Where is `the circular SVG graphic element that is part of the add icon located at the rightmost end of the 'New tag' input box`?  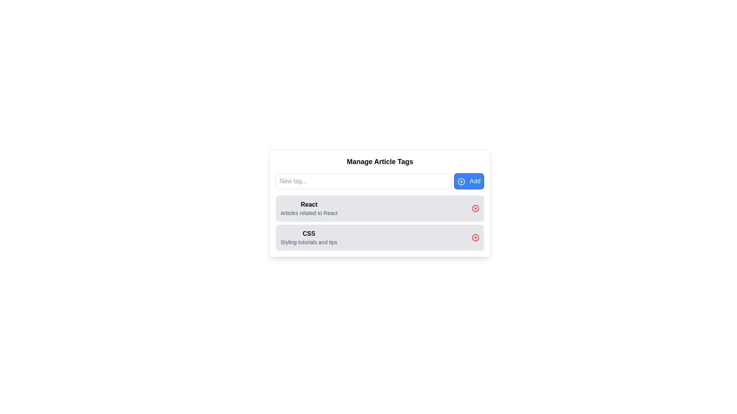
the circular SVG graphic element that is part of the add icon located at the rightmost end of the 'New tag' input box is located at coordinates (461, 181).